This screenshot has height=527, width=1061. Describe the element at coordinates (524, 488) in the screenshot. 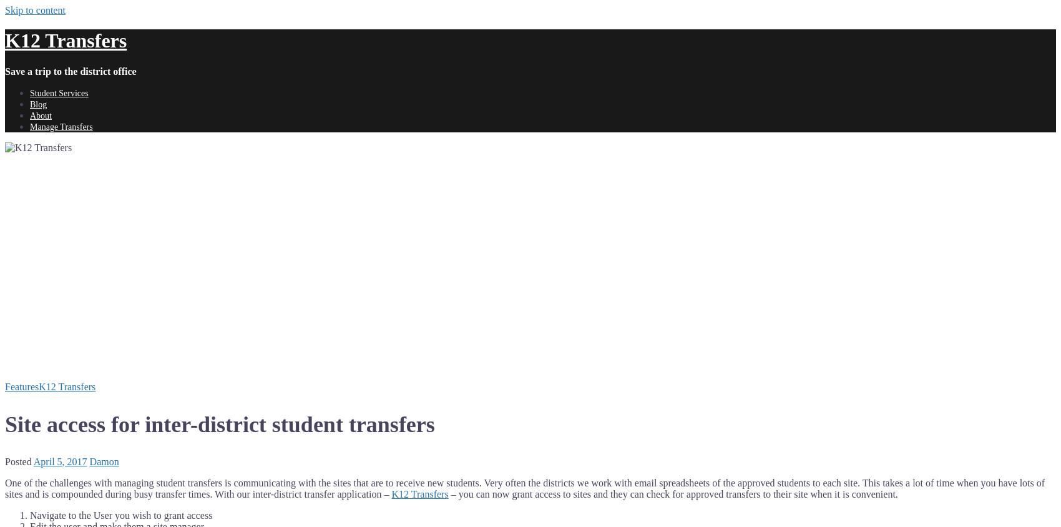

I see `'One of the challenges with managing student transfers is communicating with the sites that are to receive new students. Very often the districts we work with email spreadsheets of the approved students to each site. This takes a lot of time when you have lots of sites and is compounded during busy transfer times. With our inter-district transfer application –'` at that location.